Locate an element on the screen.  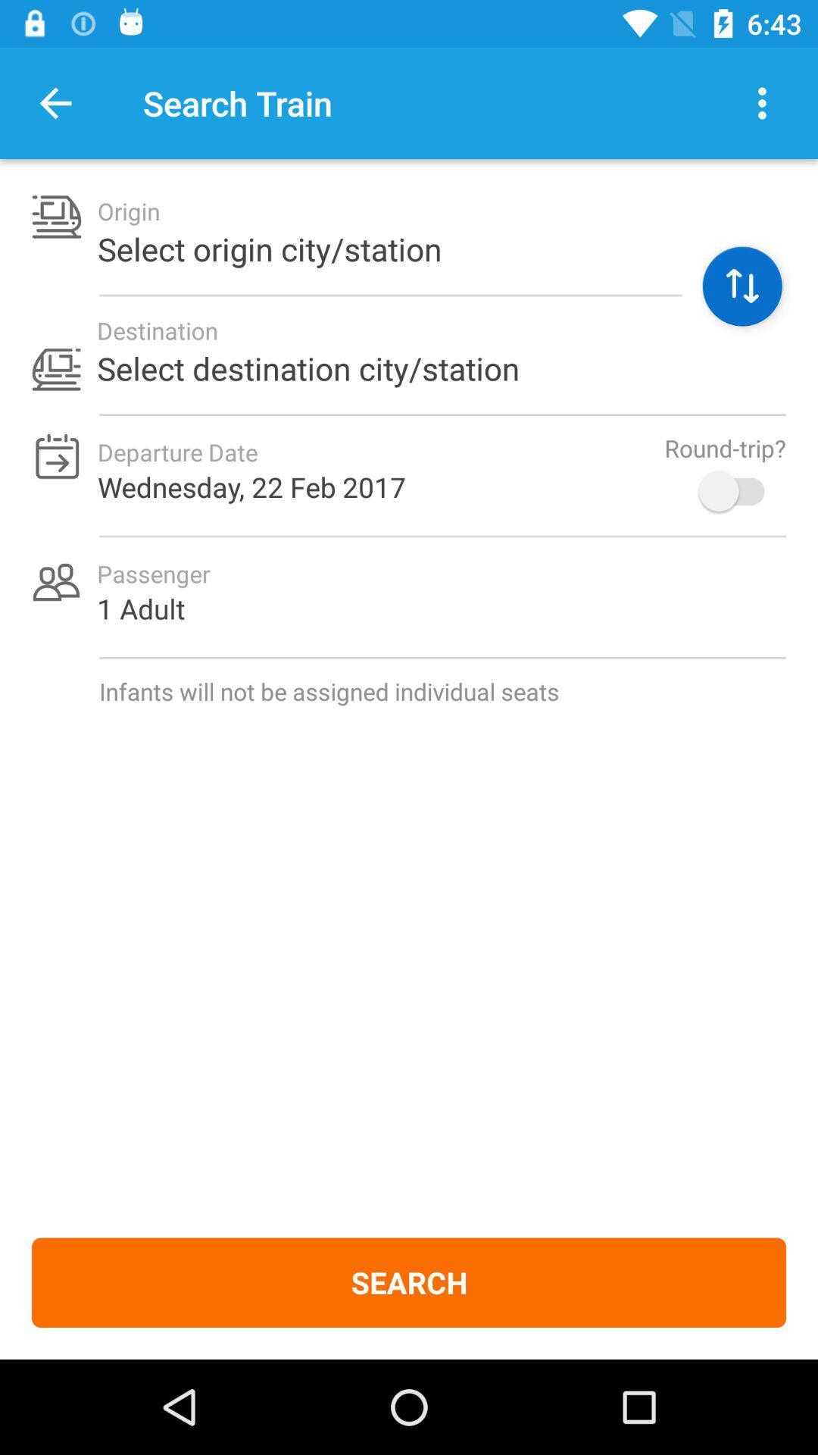
open other options is located at coordinates (762, 102).